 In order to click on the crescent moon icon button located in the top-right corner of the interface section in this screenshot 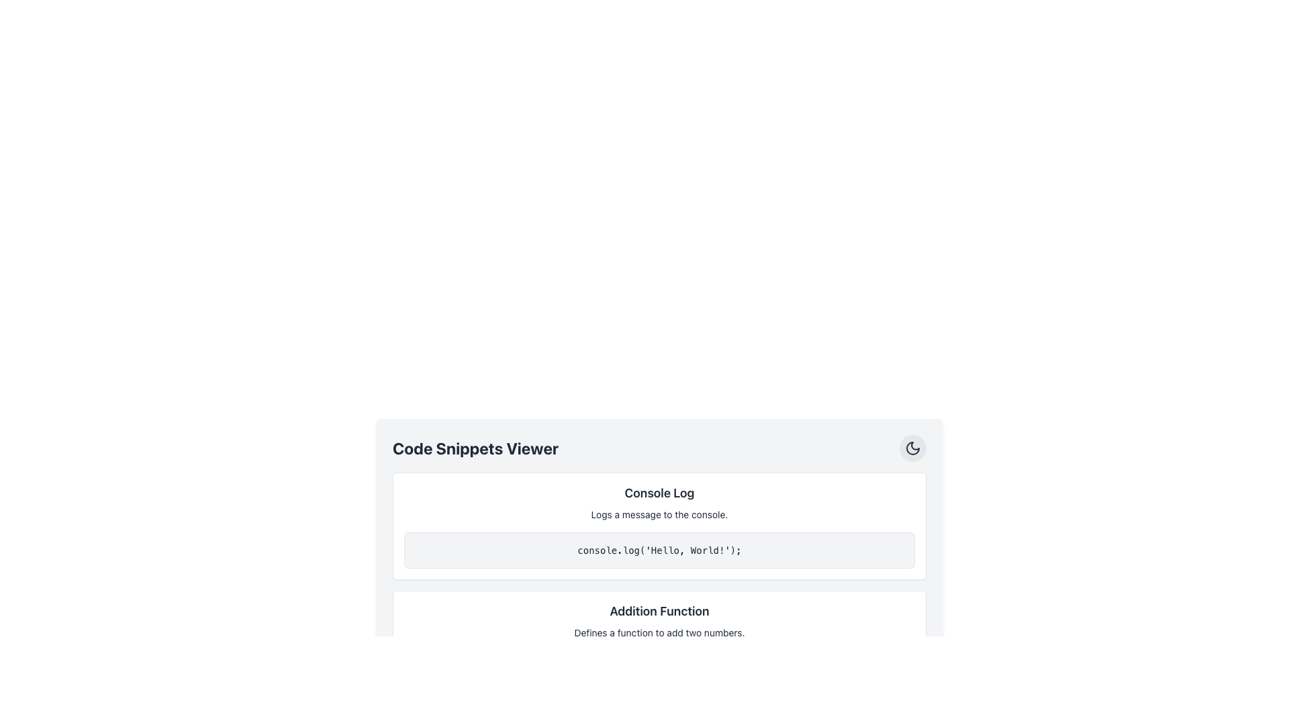, I will do `click(912, 448)`.